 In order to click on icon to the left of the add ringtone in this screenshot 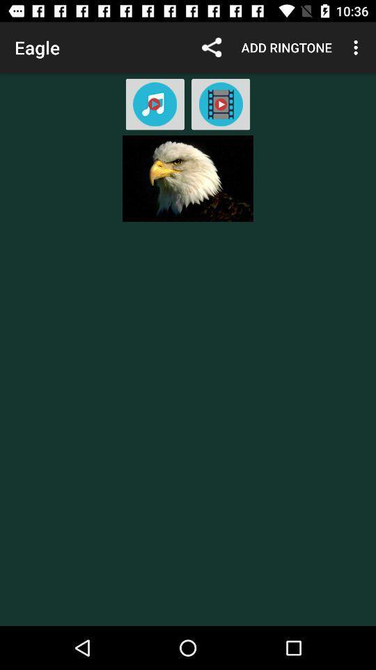, I will do `click(211, 47)`.